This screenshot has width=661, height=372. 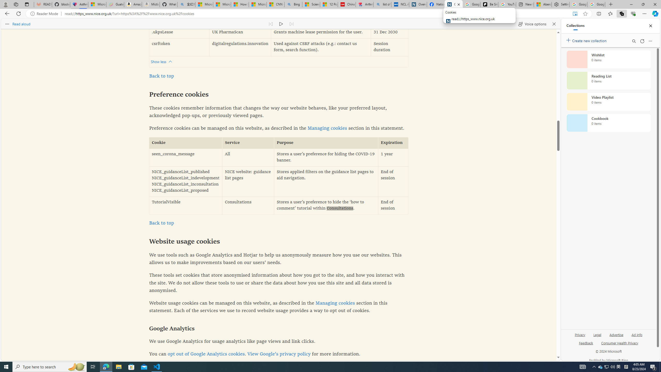 What do you see at coordinates (79, 4) in the screenshot?
I see `'Asthma Inhalers: Names and Types'` at bounding box center [79, 4].